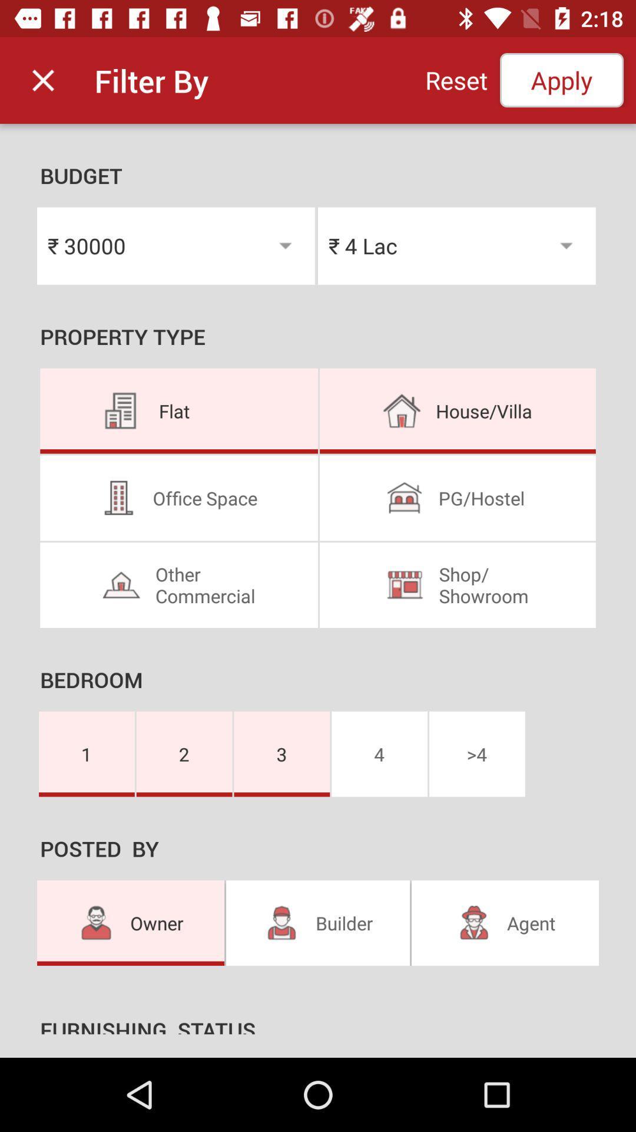 This screenshot has height=1132, width=636. What do you see at coordinates (42, 80) in the screenshot?
I see `exit` at bounding box center [42, 80].